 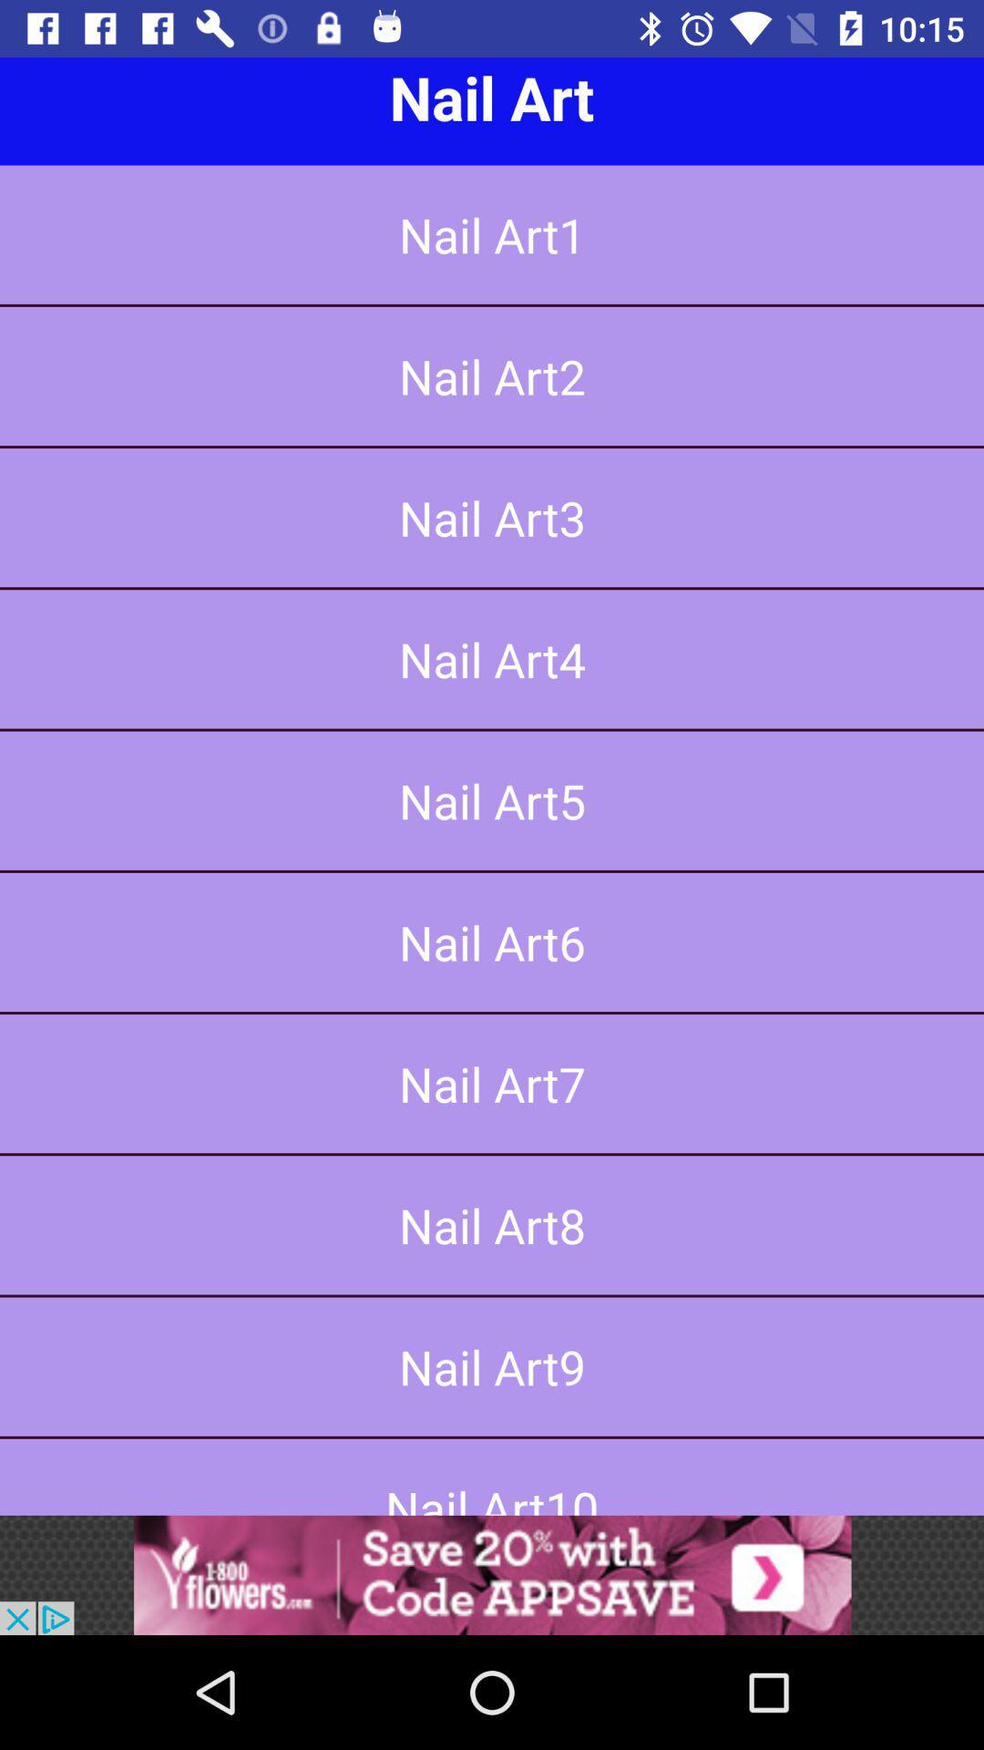 What do you see at coordinates (492, 1574) in the screenshot?
I see `banner` at bounding box center [492, 1574].